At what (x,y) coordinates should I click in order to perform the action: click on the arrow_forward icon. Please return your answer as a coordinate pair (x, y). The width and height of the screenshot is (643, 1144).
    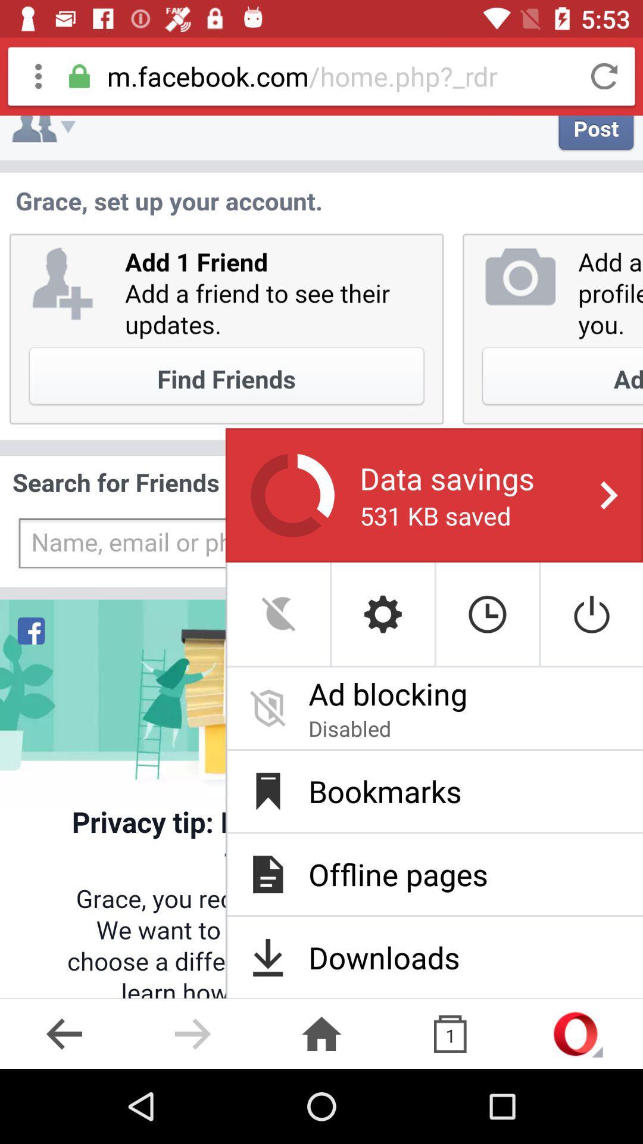
    Looking at the image, I should click on (192, 1033).